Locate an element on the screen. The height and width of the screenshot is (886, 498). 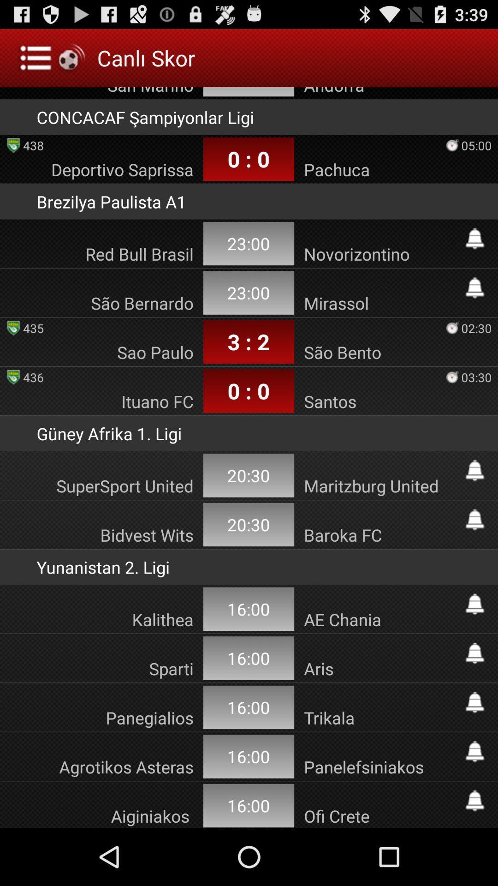
turn on notifications is located at coordinates (474, 702).